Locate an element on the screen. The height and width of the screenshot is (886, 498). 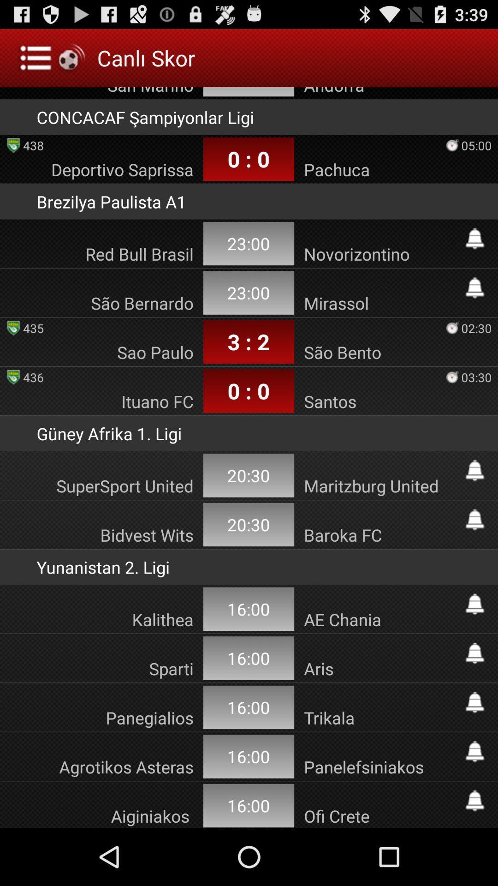
turn on notifications is located at coordinates (474, 702).